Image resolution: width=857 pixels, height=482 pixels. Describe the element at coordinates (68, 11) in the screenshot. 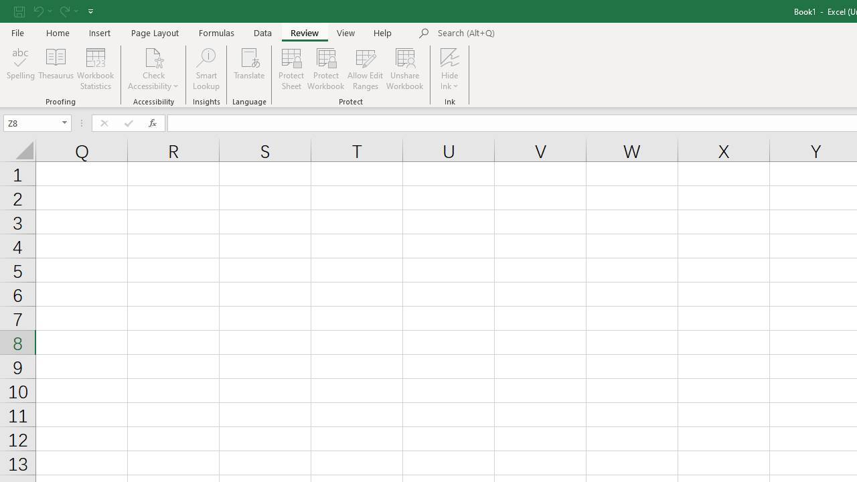

I see `'Redo'` at that location.